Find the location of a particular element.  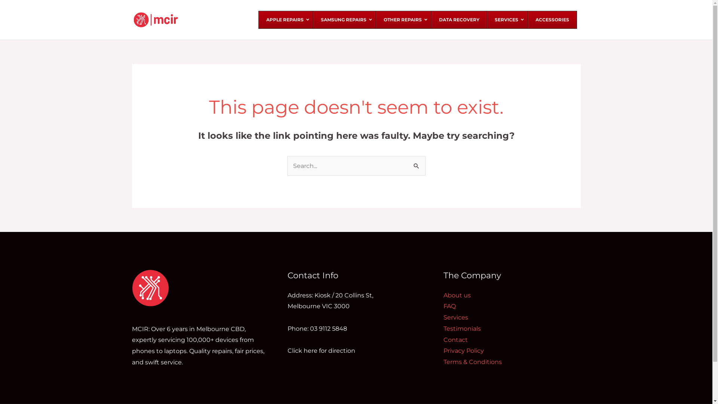

'FAQ' is located at coordinates (443, 306).